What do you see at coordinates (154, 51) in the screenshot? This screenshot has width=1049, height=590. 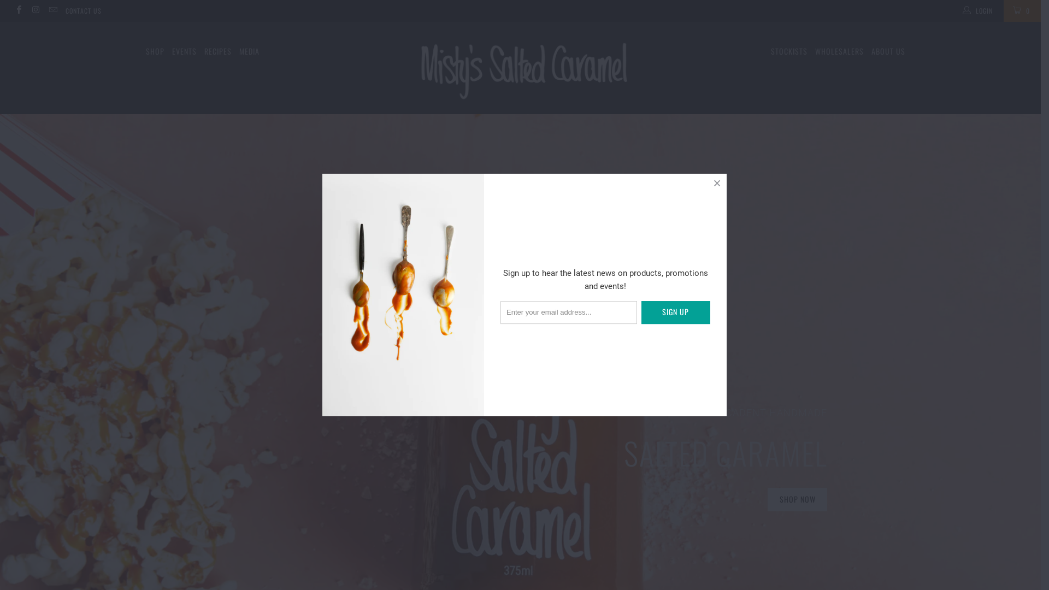 I see `'SHOP'` at bounding box center [154, 51].